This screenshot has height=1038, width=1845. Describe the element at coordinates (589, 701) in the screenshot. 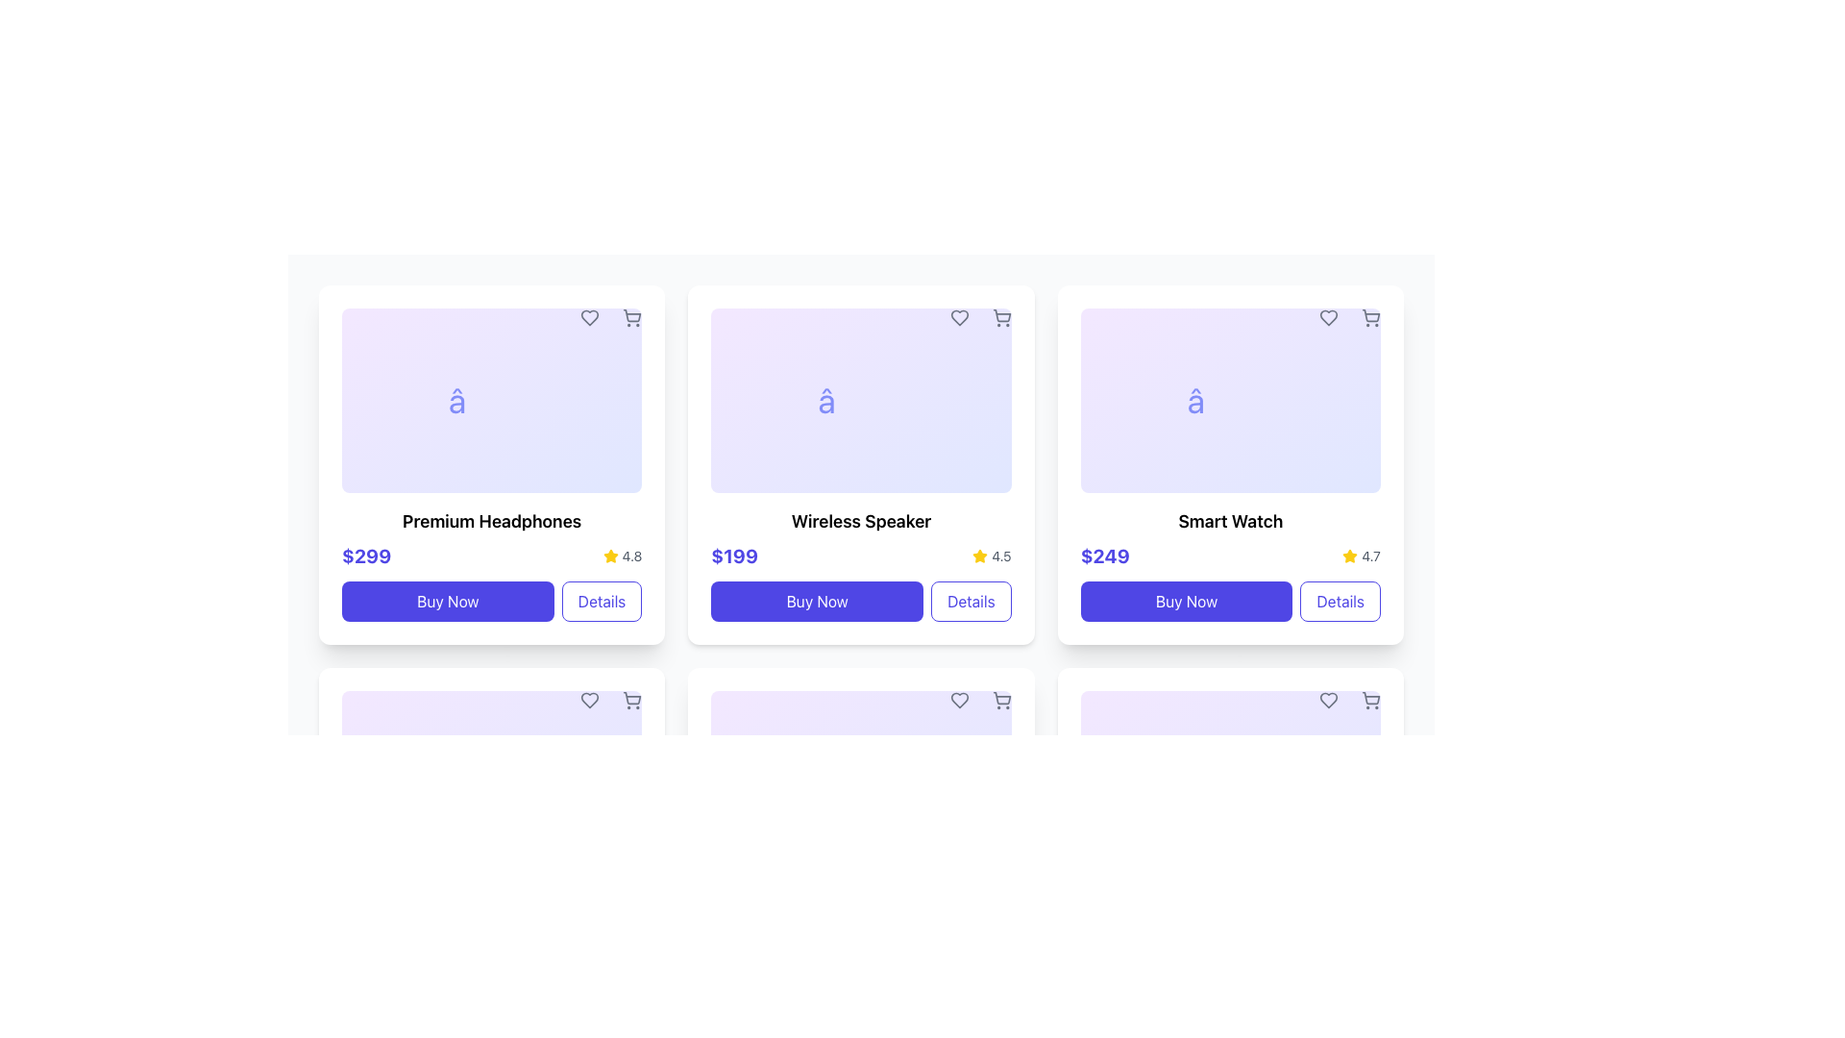

I see `the heart-shaped icon button located in the top-right corner of the bottom-left product card for 'Premium Headphones', which changes from gray to red on hover` at that location.